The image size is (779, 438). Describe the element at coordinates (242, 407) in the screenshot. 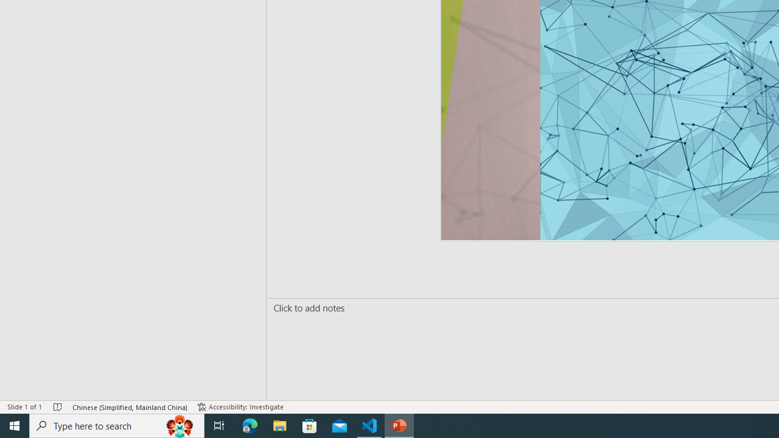

I see `'Accessibility Checker Accessibility: Investigate'` at that location.